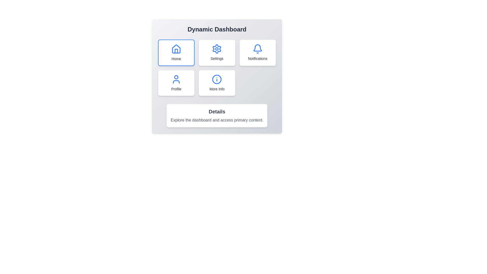 Image resolution: width=487 pixels, height=274 pixels. Describe the element at coordinates (217, 49) in the screenshot. I see `the 'Settings' button icon located in the second button of the top row of the navigation grid on the main dashboard interface` at that location.